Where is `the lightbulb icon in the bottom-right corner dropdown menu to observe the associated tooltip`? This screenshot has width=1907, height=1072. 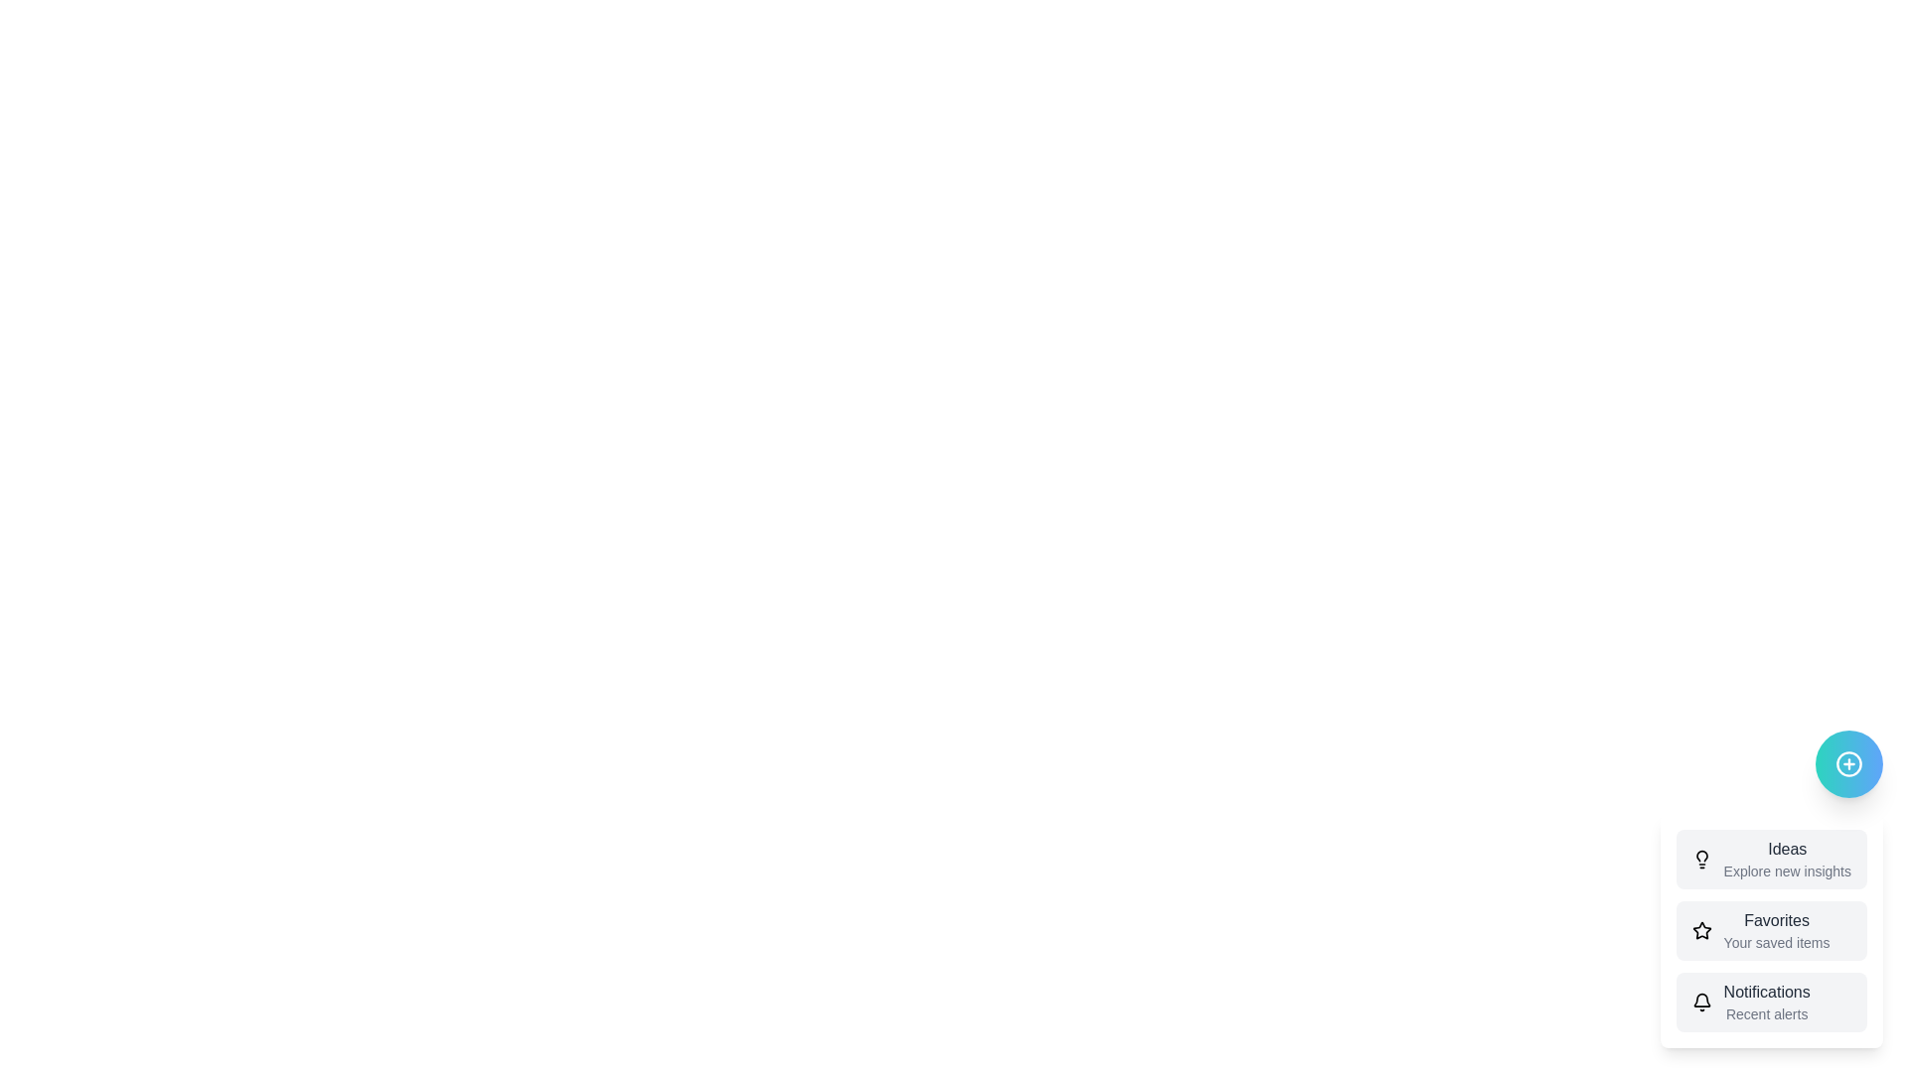
the lightbulb icon in the bottom-right corner dropdown menu to observe the associated tooltip is located at coordinates (1700, 855).